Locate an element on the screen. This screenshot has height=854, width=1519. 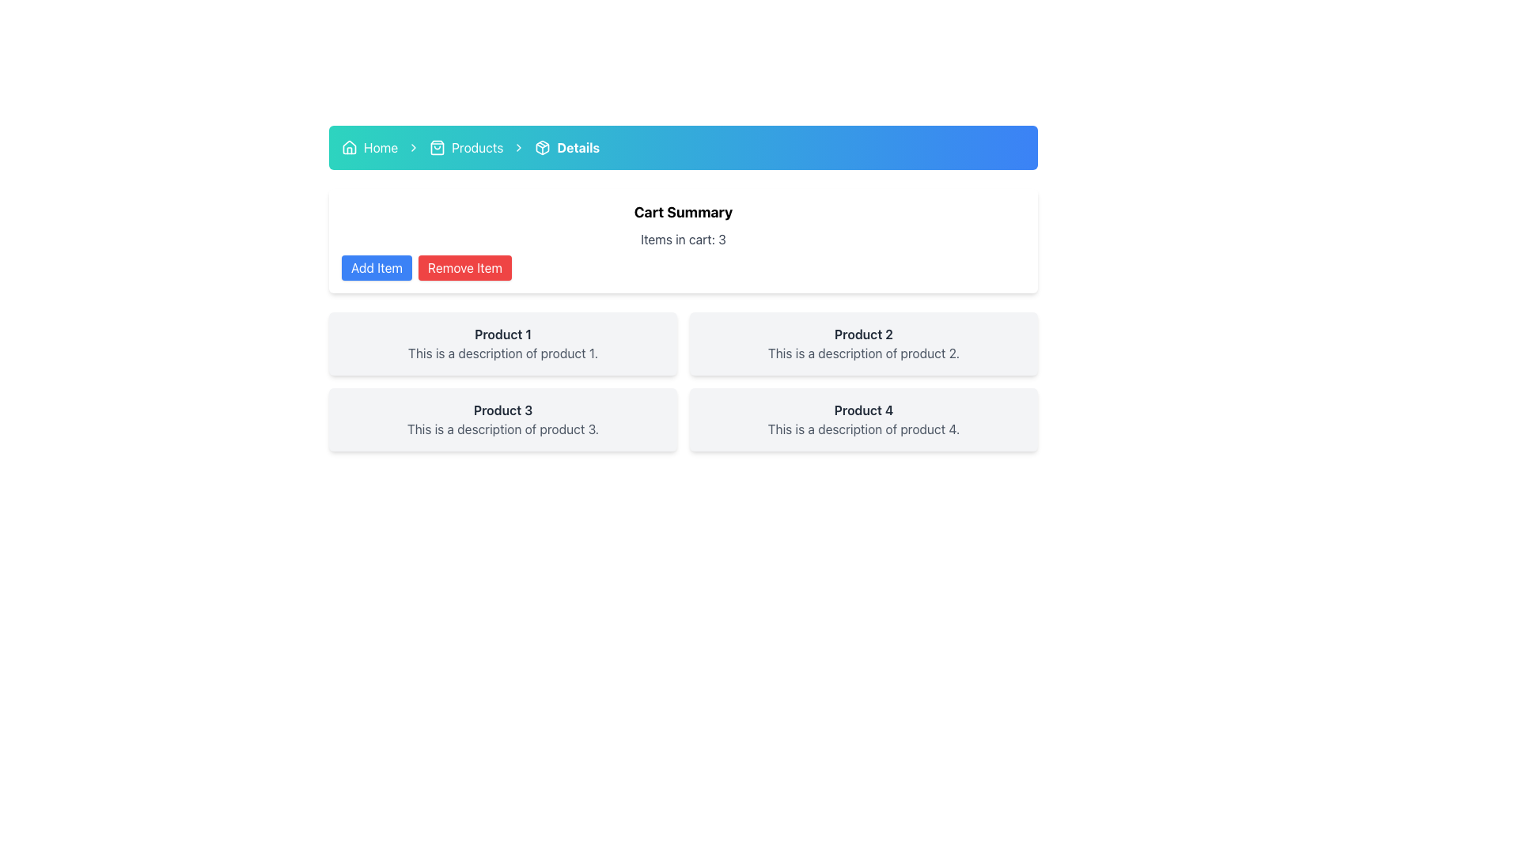
the text label displaying 'Products' in the breadcrumb navigation bar, which is styled in white font against a teal background is located at coordinates (476, 147).